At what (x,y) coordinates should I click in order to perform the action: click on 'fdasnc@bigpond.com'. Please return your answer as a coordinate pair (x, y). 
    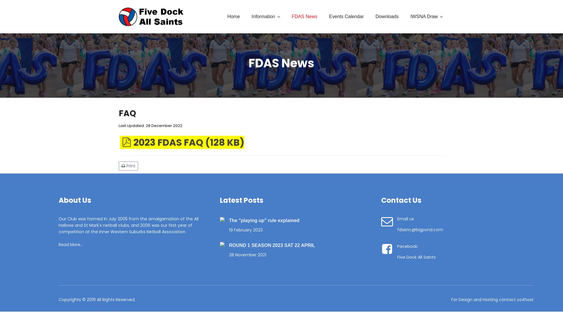
    Looking at the image, I should click on (420, 229).